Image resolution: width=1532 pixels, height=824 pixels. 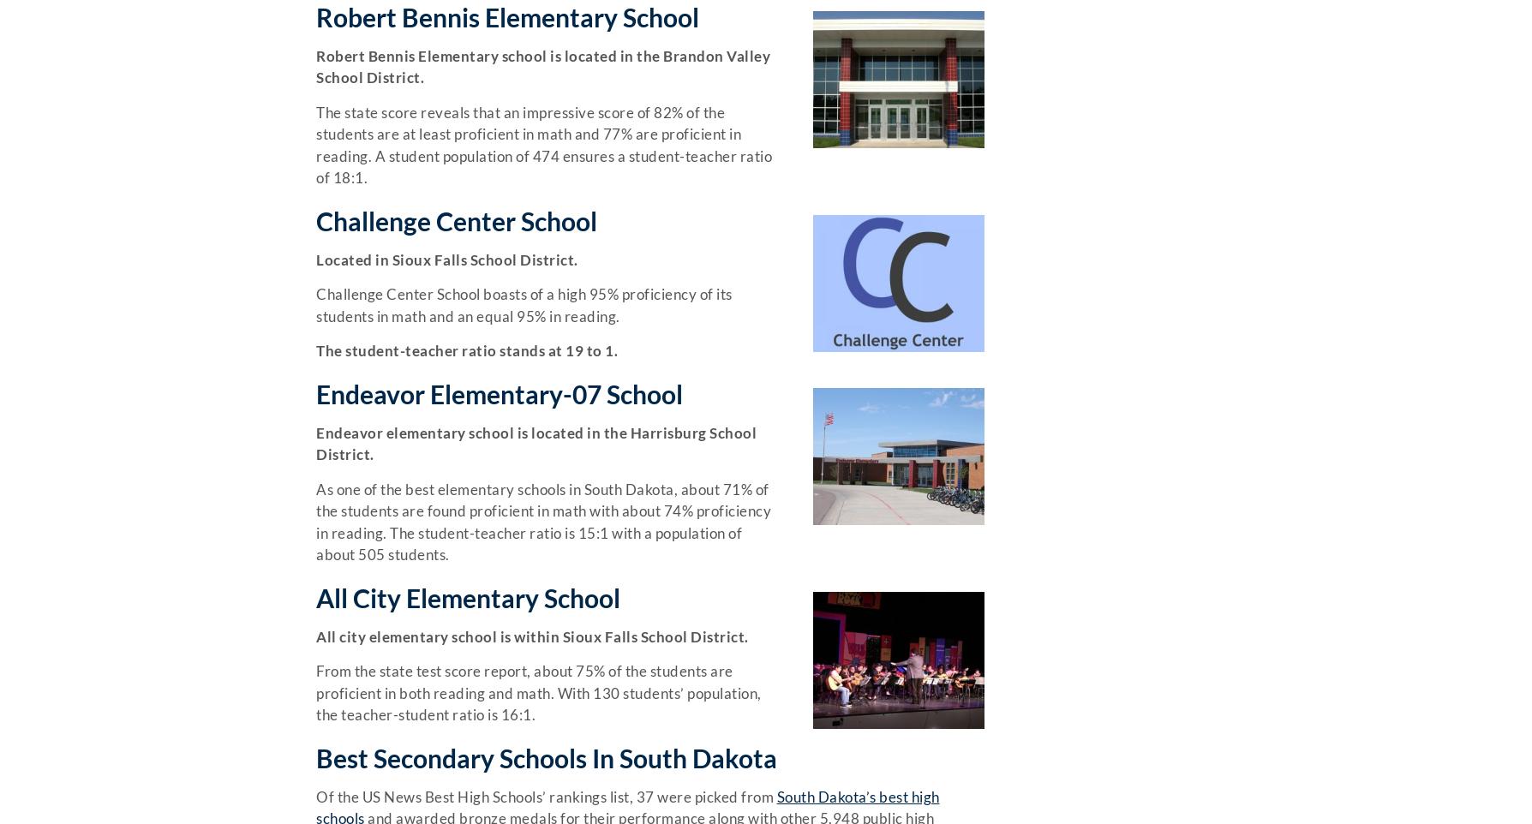 What do you see at coordinates (543, 66) in the screenshot?
I see `'Robert Bennis Elementary school is located in the Brandon Valley School District.'` at bounding box center [543, 66].